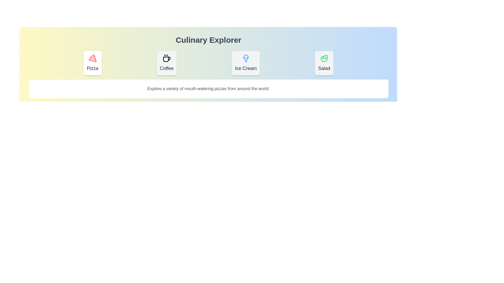  What do you see at coordinates (324, 63) in the screenshot?
I see `the tab labeled Salad to observe its hover animation` at bounding box center [324, 63].